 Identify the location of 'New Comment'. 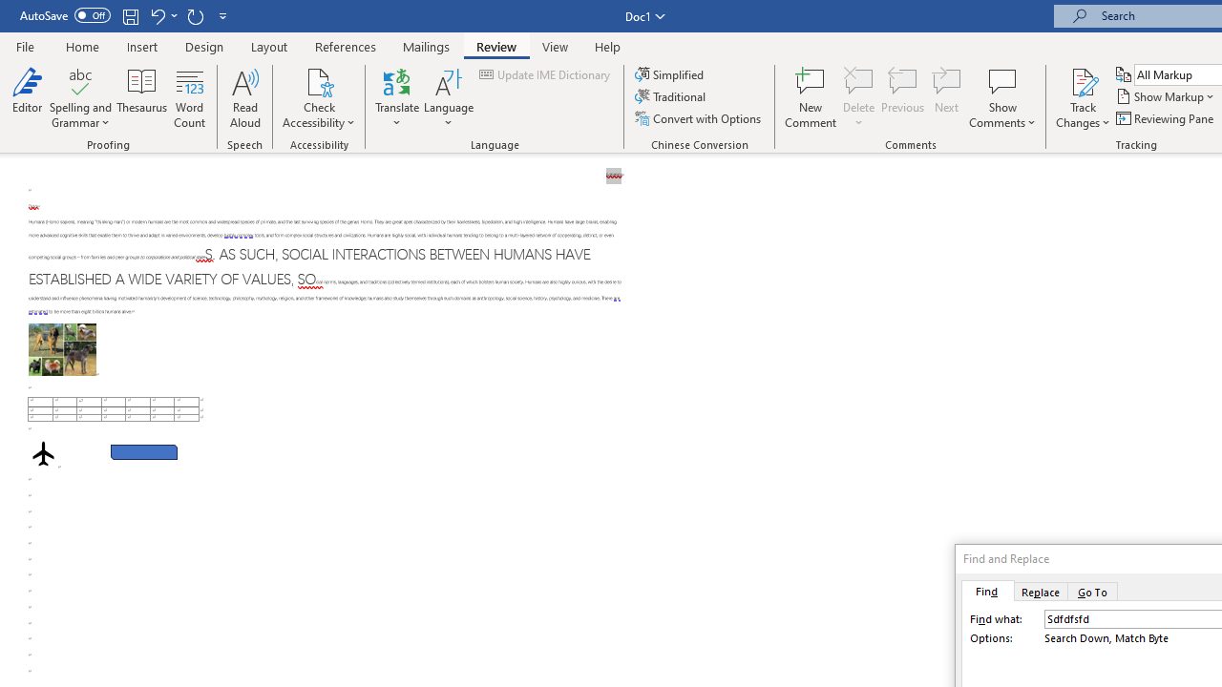
(811, 98).